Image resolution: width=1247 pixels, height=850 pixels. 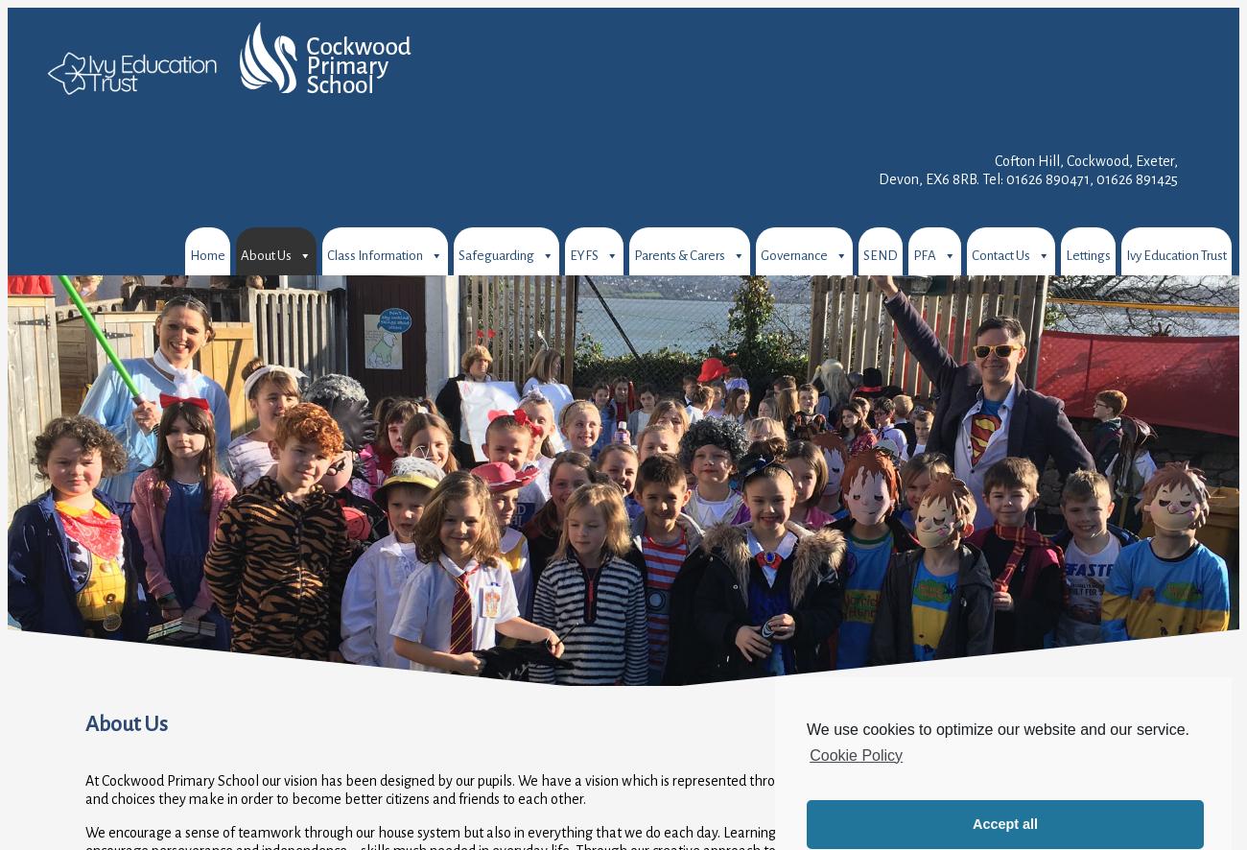 What do you see at coordinates (528, 436) in the screenshot?
I see `'Internet Safety for Children'` at bounding box center [528, 436].